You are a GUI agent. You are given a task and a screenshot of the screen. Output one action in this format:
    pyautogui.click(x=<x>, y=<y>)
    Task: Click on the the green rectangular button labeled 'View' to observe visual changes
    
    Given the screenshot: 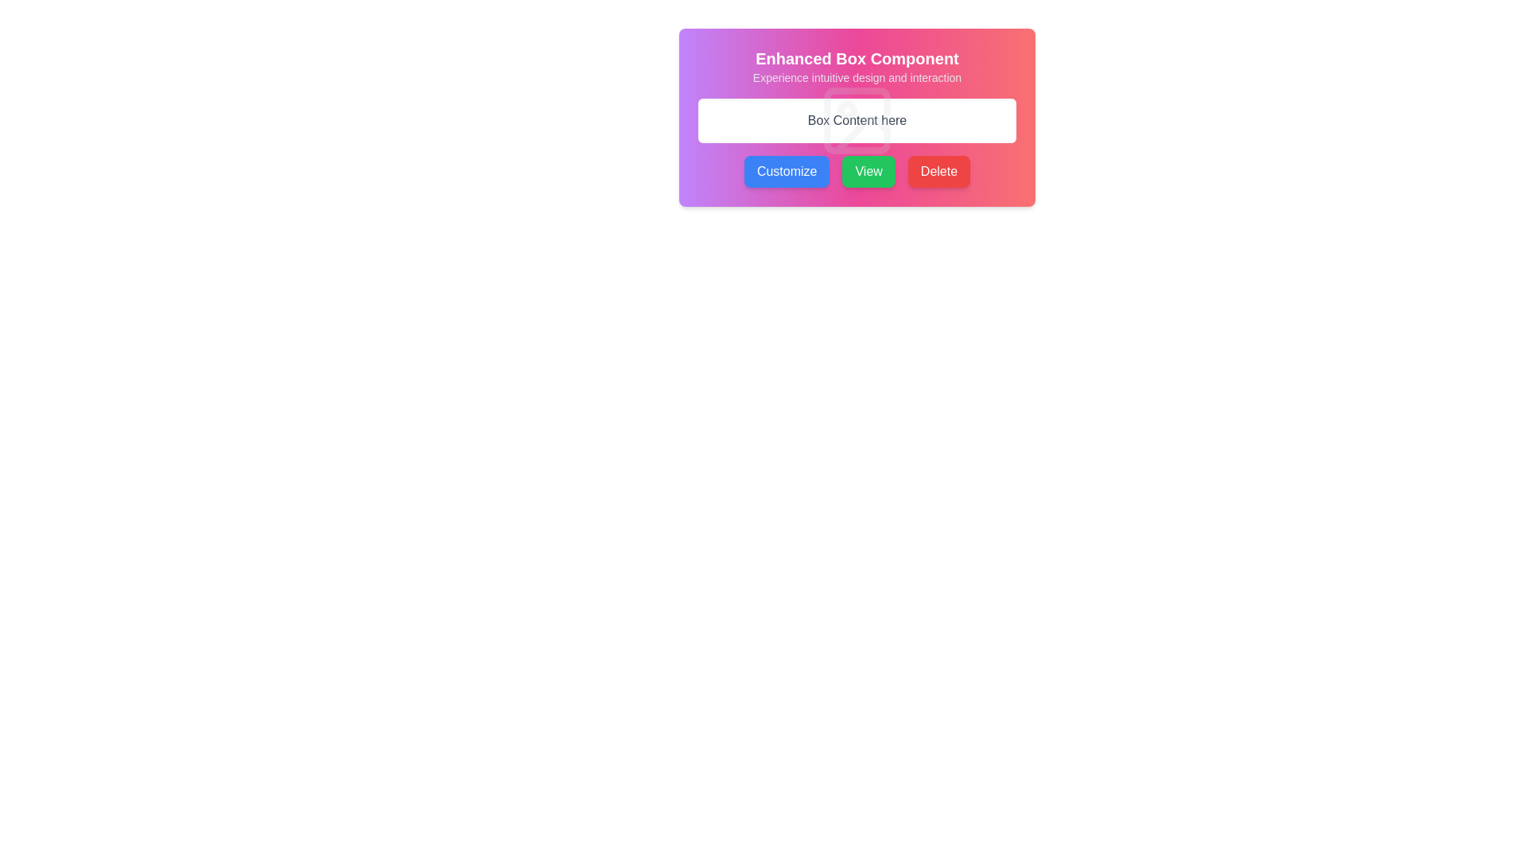 What is the action you would take?
    pyautogui.click(x=857, y=172)
    